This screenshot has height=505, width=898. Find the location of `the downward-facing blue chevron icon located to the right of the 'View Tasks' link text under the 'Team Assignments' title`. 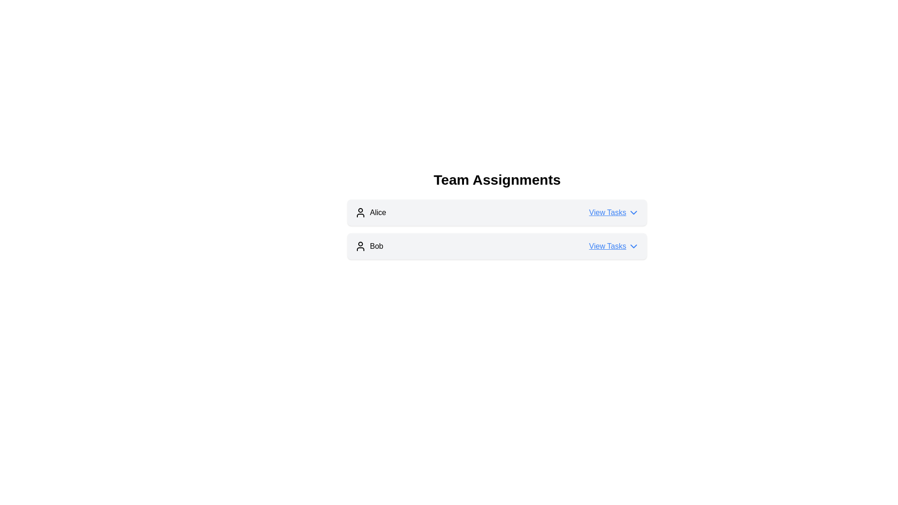

the downward-facing blue chevron icon located to the right of the 'View Tasks' link text under the 'Team Assignments' title is located at coordinates (633, 246).